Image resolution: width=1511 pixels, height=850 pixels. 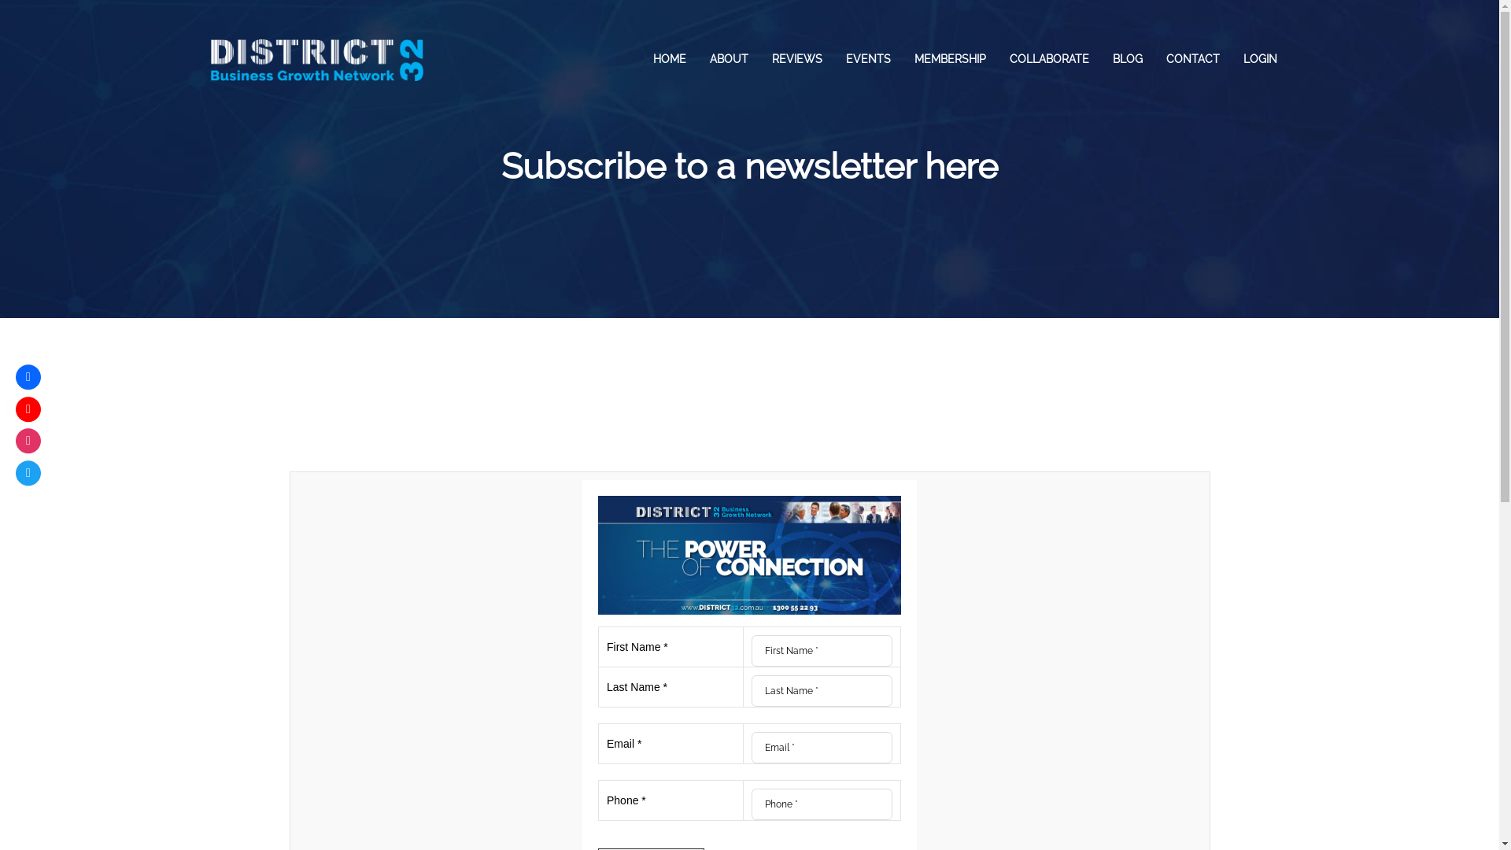 I want to click on 'Instagram', so click(x=28, y=440).